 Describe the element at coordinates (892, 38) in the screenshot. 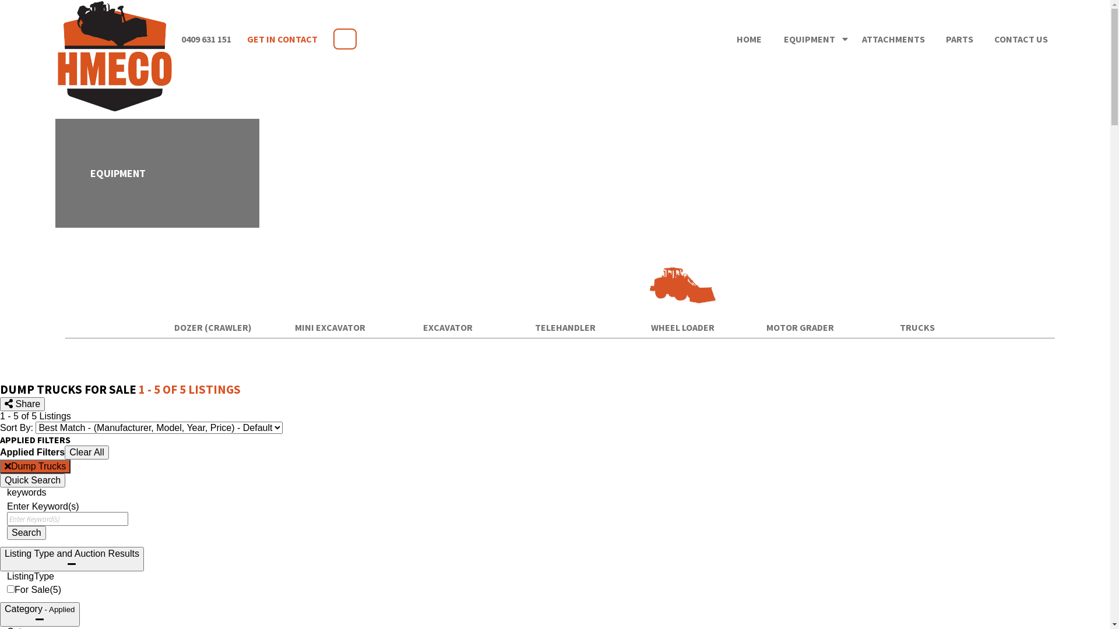

I see `'ATTACHMENTS'` at that location.